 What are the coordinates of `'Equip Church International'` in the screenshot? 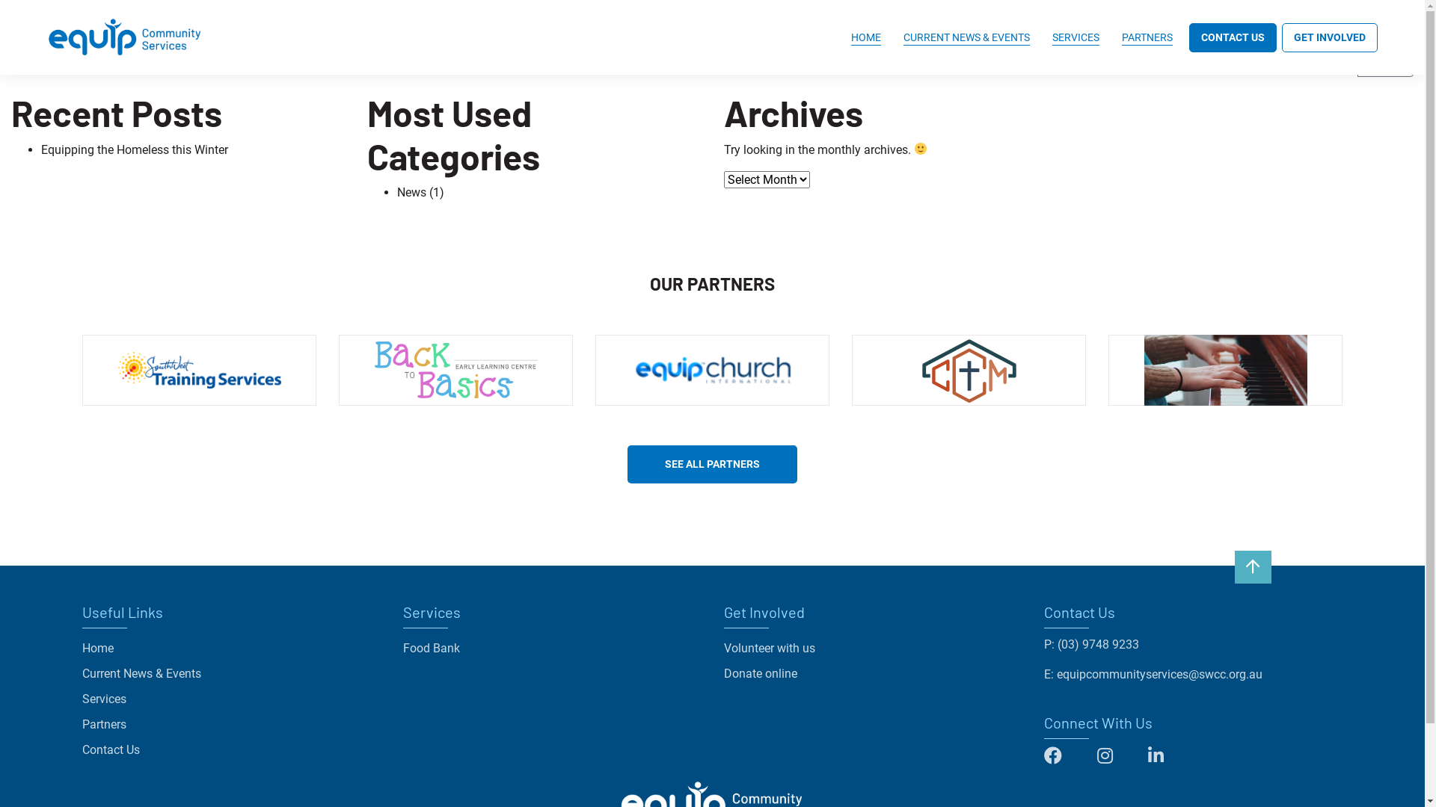 It's located at (711, 371).